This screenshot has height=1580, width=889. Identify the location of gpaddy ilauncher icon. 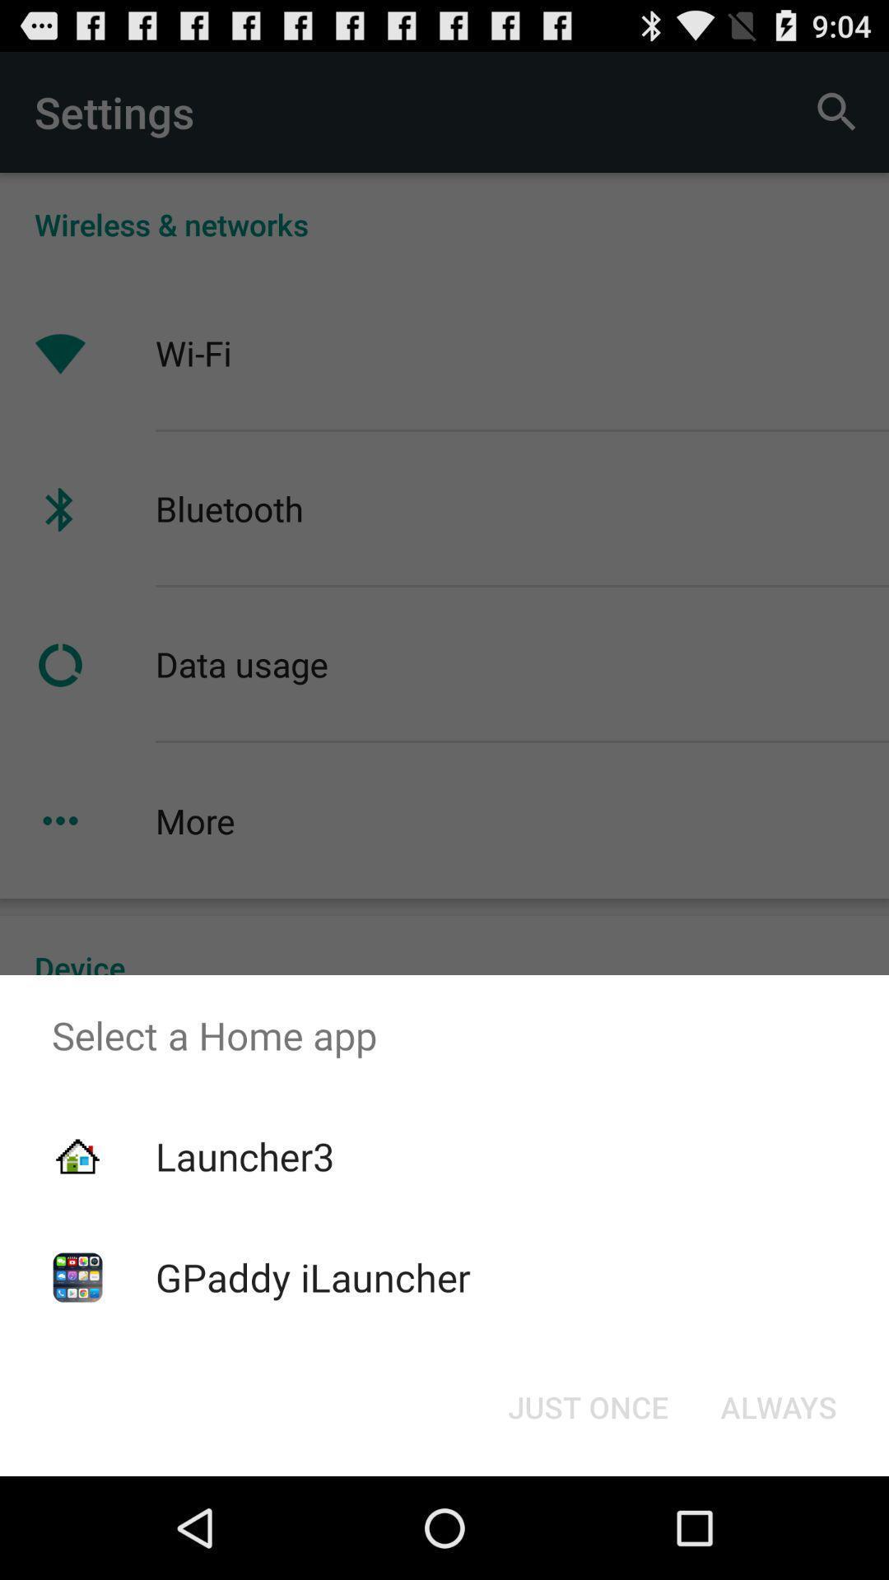
(313, 1276).